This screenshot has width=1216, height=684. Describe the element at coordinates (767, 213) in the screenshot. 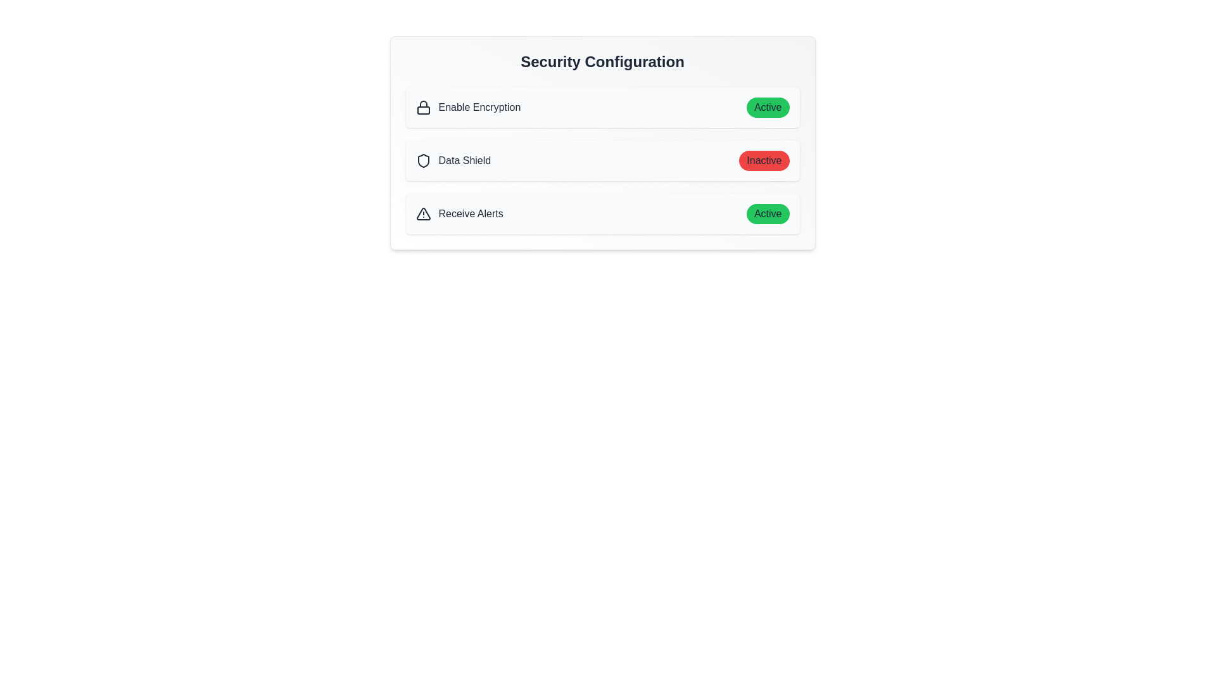

I see `the button that toggles the 'Receive Alerts' setting for keyboard interaction` at that location.